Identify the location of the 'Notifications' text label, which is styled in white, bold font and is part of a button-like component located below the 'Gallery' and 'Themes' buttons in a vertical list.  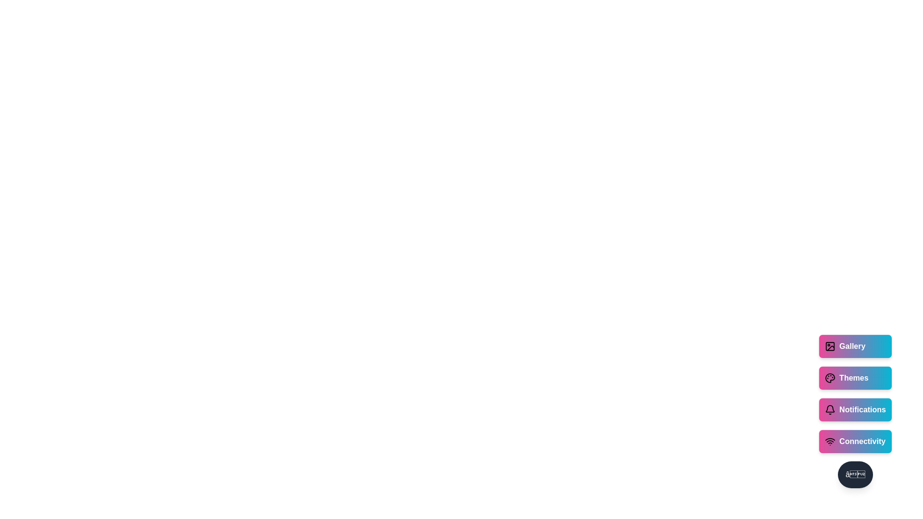
(862, 409).